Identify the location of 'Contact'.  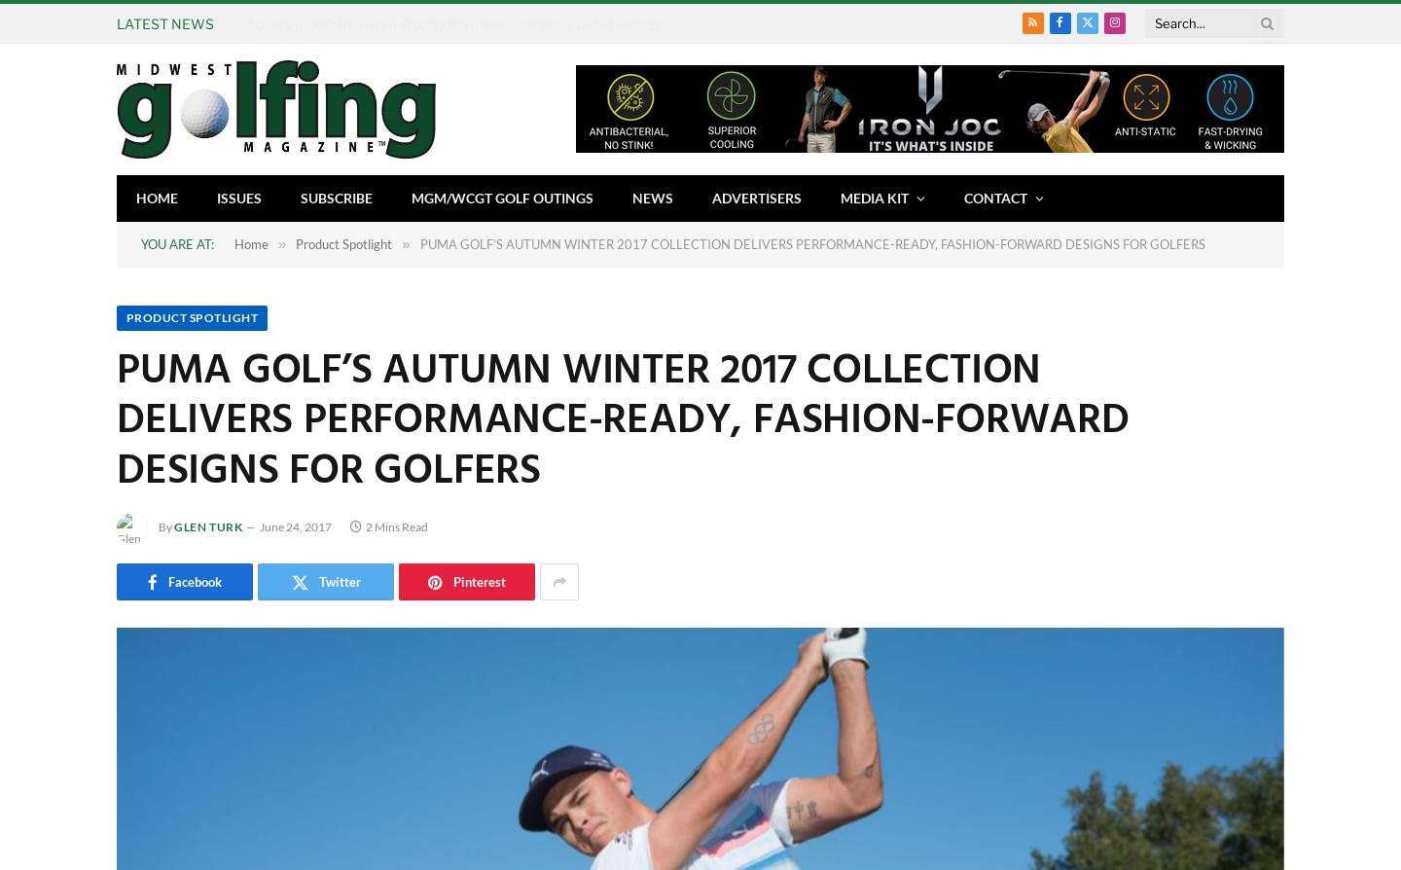
(995, 197).